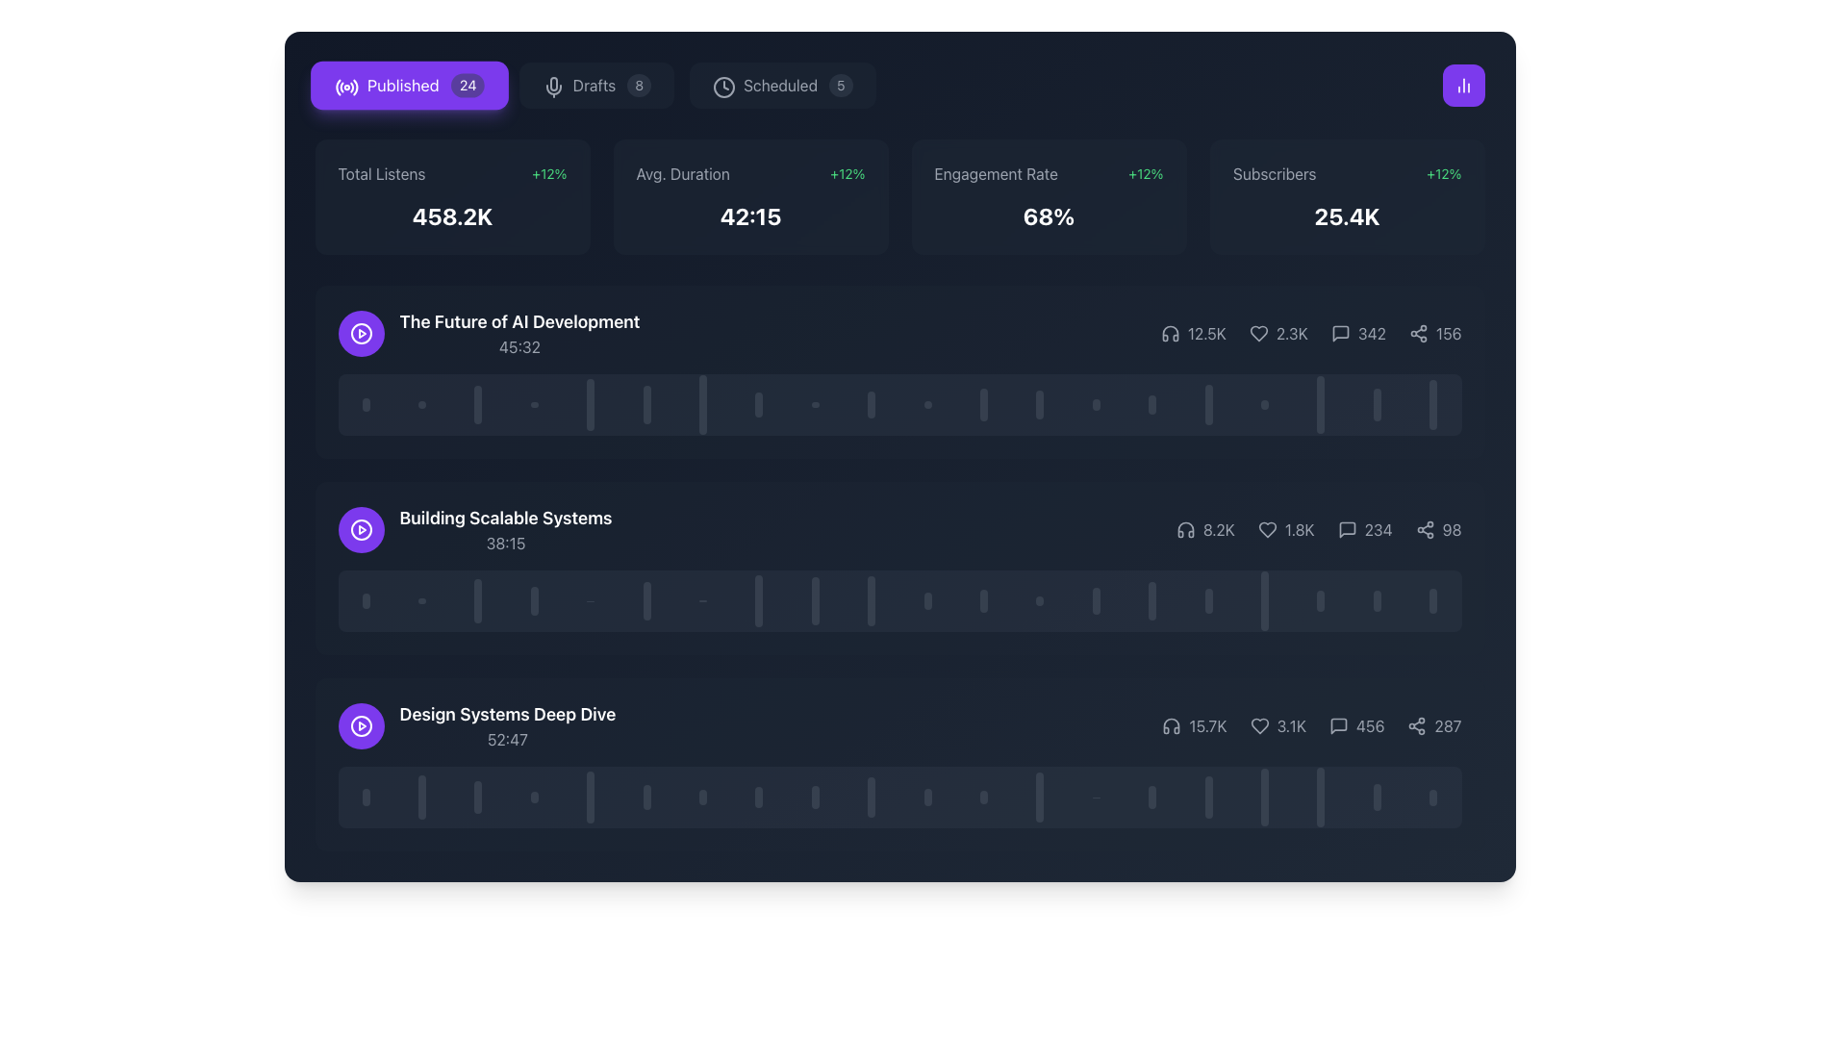 The image size is (1847, 1039). Describe the element at coordinates (519, 333) in the screenshot. I see `the title 'The Future of AI Development' to play or select the content from the composite text element located in the first row of items in the list` at that location.